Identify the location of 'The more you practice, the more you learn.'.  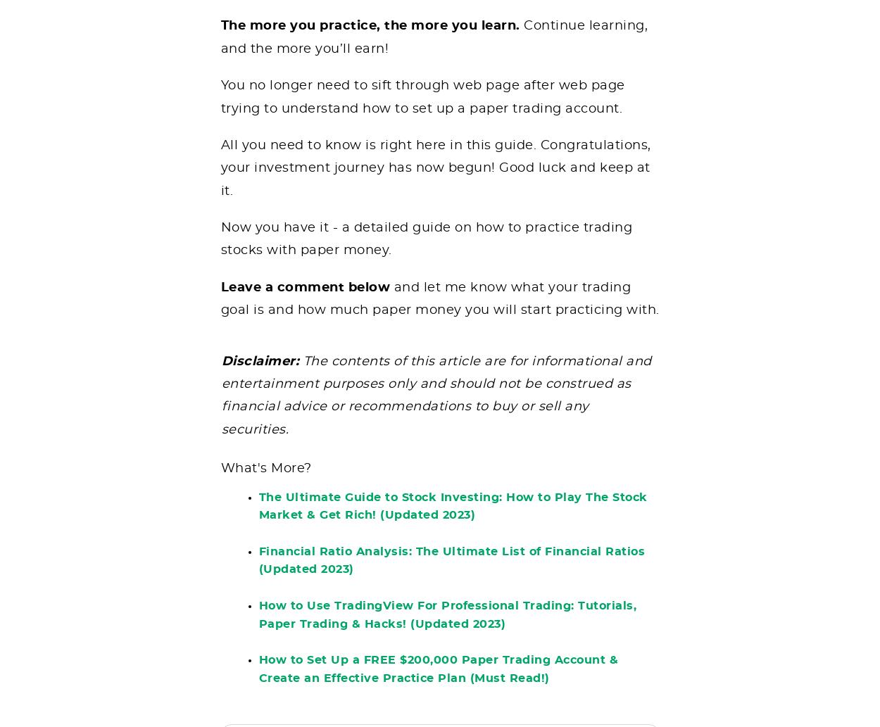
(220, 36).